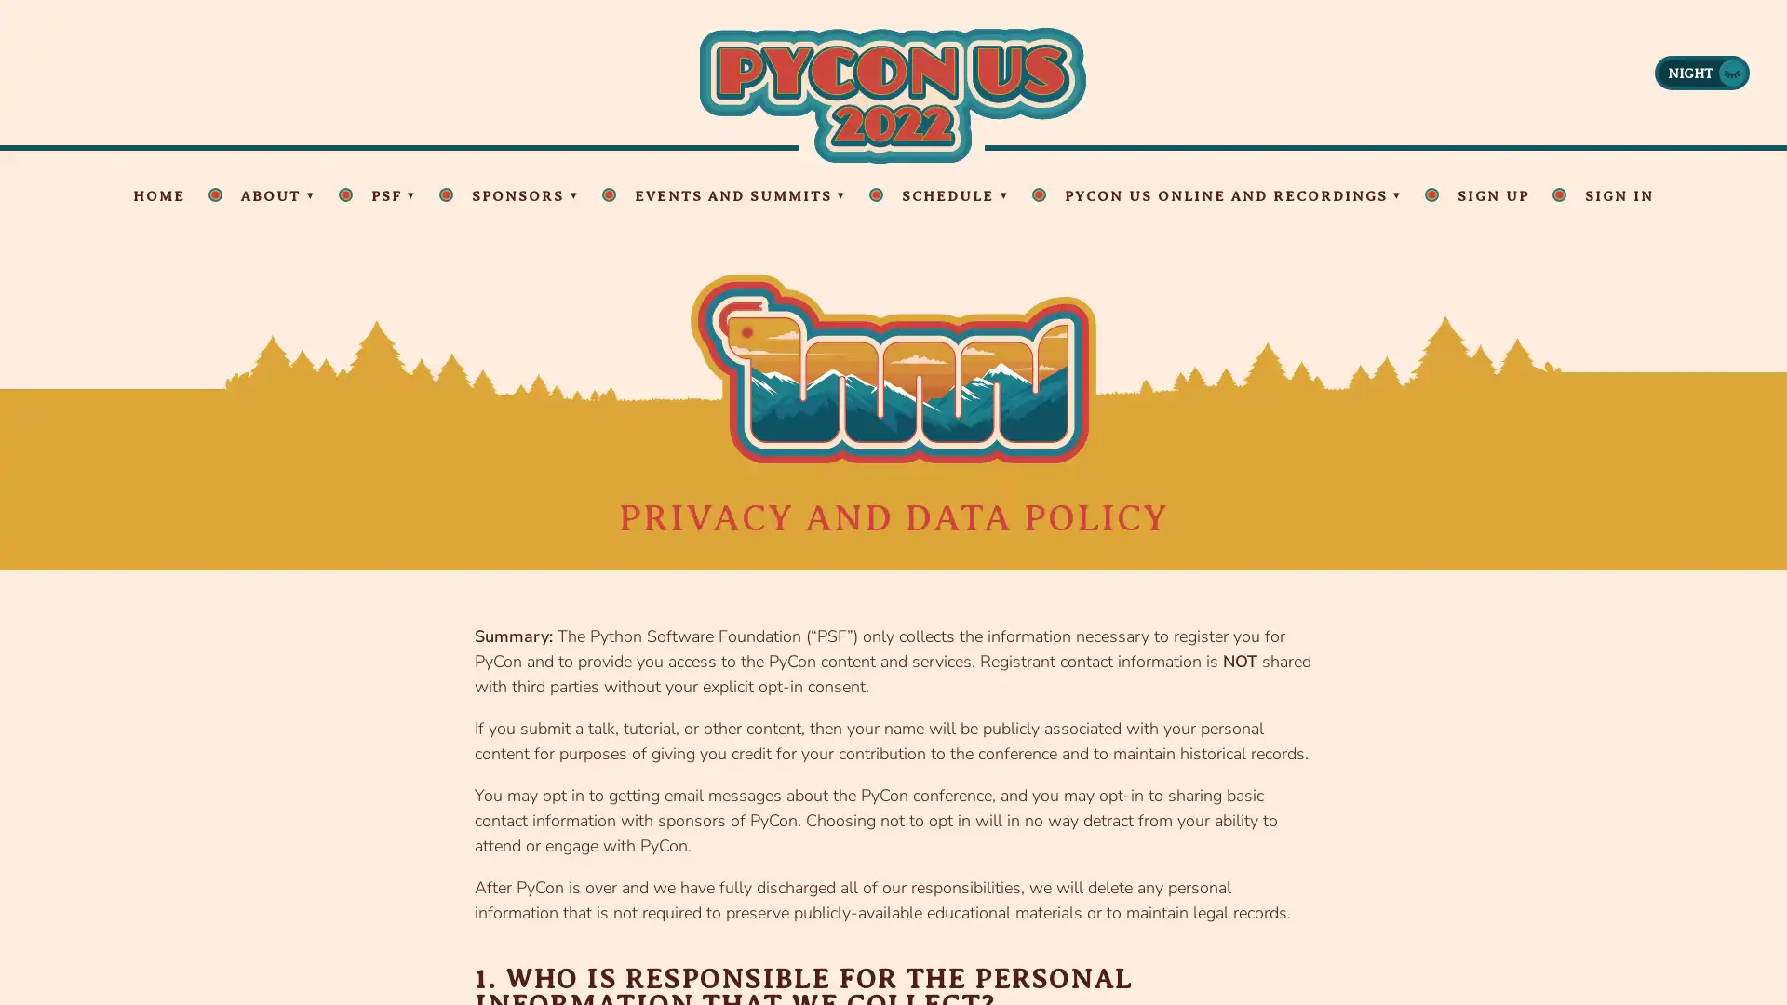  What do you see at coordinates (1701, 71) in the screenshot?
I see `NIGHT` at bounding box center [1701, 71].